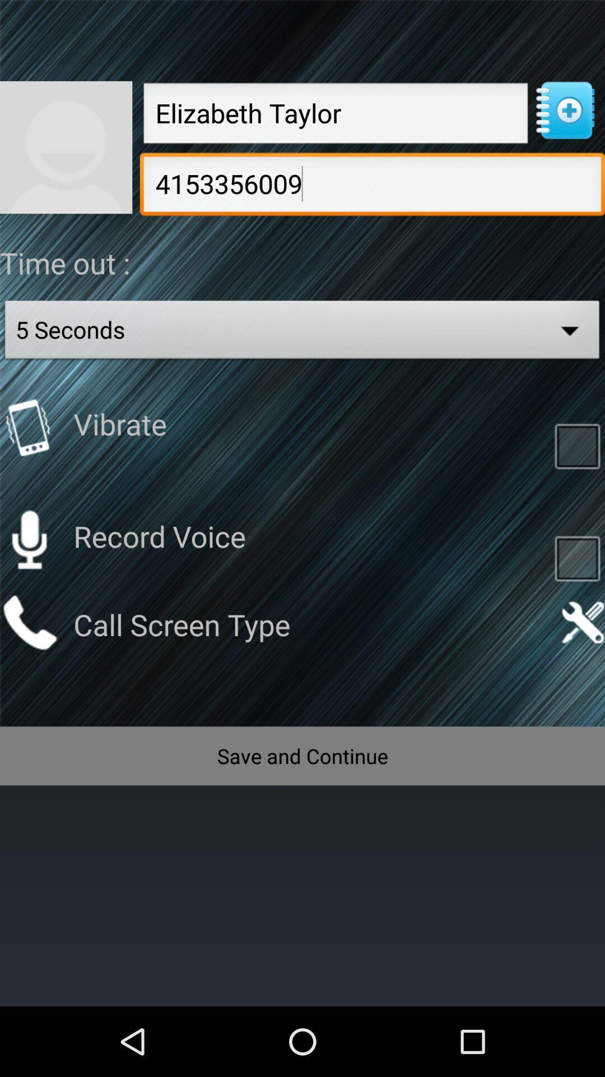 The width and height of the screenshot is (605, 1077). Describe the element at coordinates (582, 622) in the screenshot. I see `settings` at that location.